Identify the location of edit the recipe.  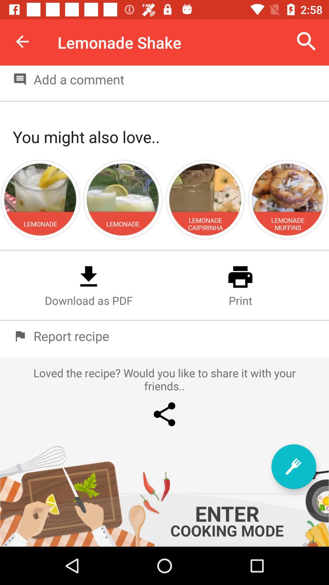
(293, 466).